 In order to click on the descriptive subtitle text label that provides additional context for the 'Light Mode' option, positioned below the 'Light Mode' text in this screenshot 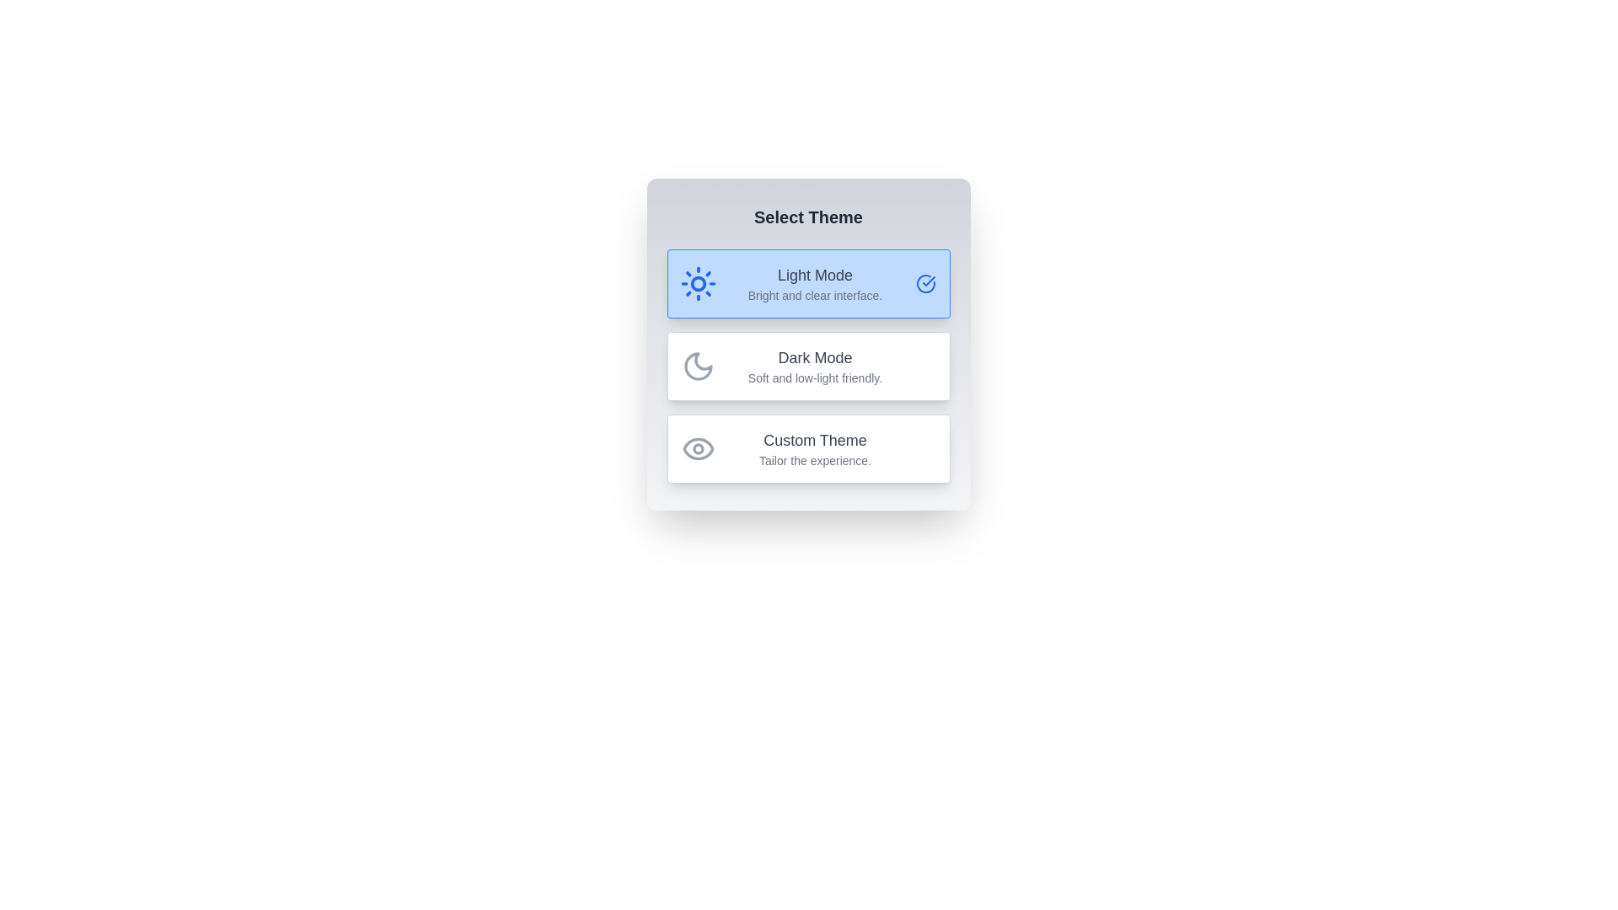, I will do `click(815, 295)`.